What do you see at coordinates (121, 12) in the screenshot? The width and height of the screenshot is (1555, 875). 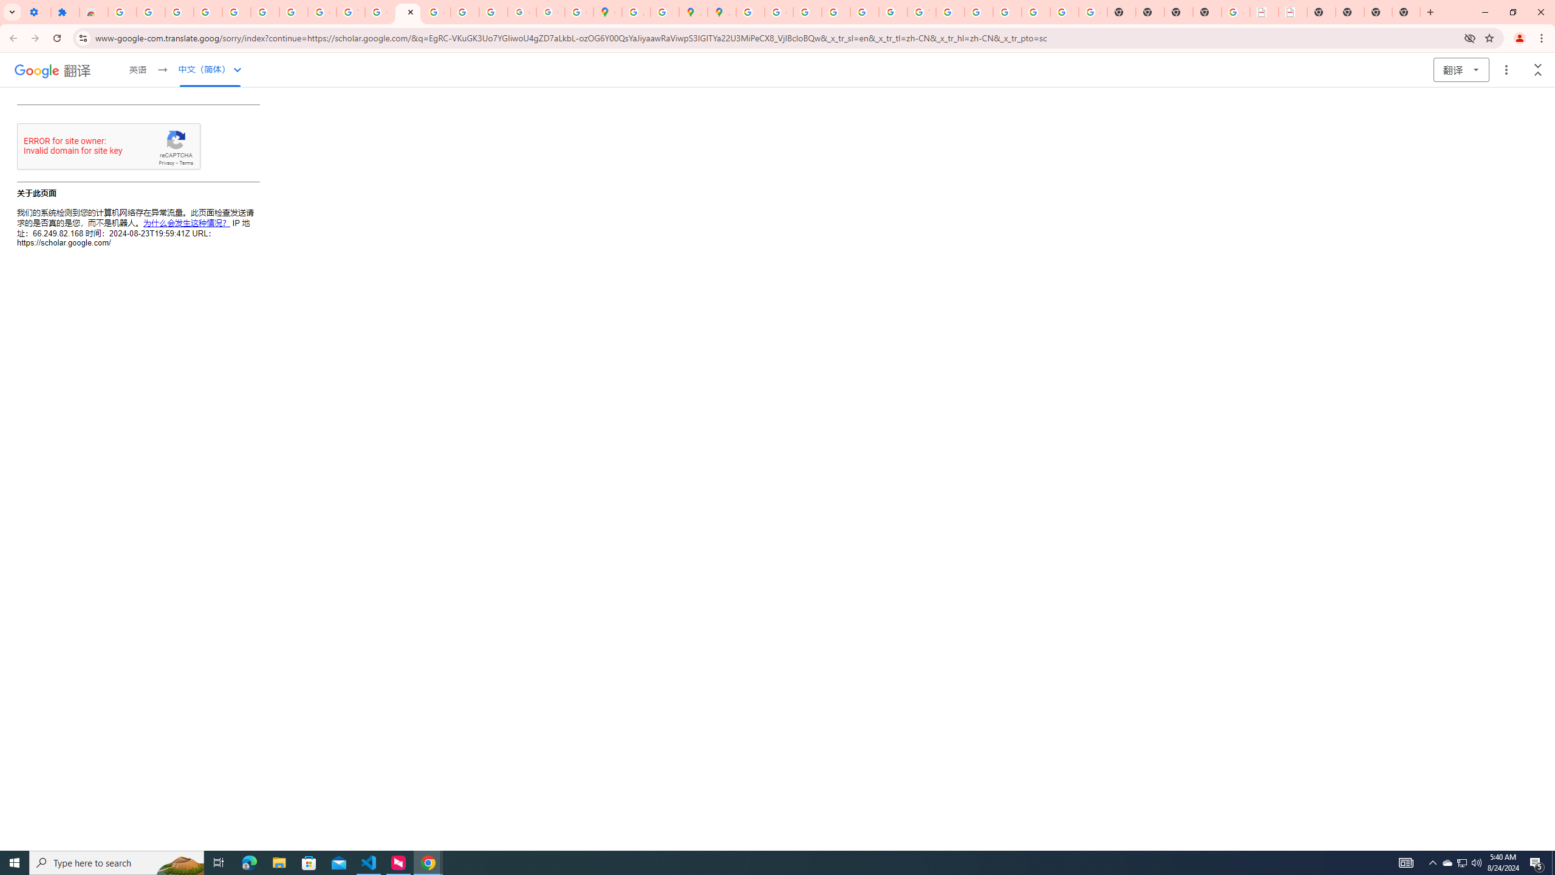 I see `'Sign in - Google Accounts'` at bounding box center [121, 12].